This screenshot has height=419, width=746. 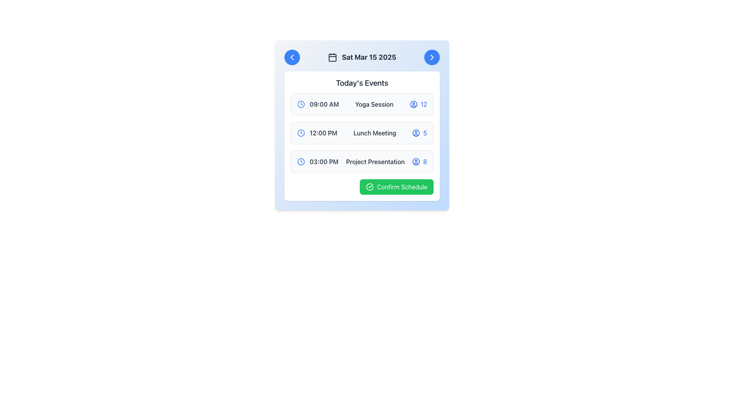 I want to click on the circular user icon associated with the 'Yoga Session' event at 09:00 AM located in the middle-right area of the event entry, so click(x=413, y=104).